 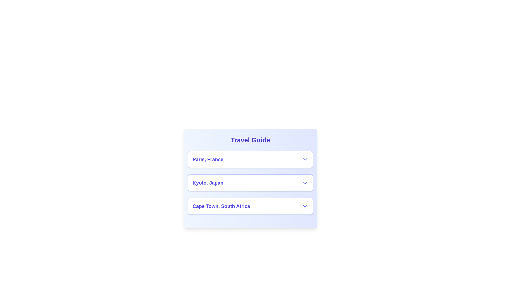 I want to click on the Expandable dropdown indicator icon located to the far right of the section displaying 'Kyoto, Japan', so click(x=305, y=183).